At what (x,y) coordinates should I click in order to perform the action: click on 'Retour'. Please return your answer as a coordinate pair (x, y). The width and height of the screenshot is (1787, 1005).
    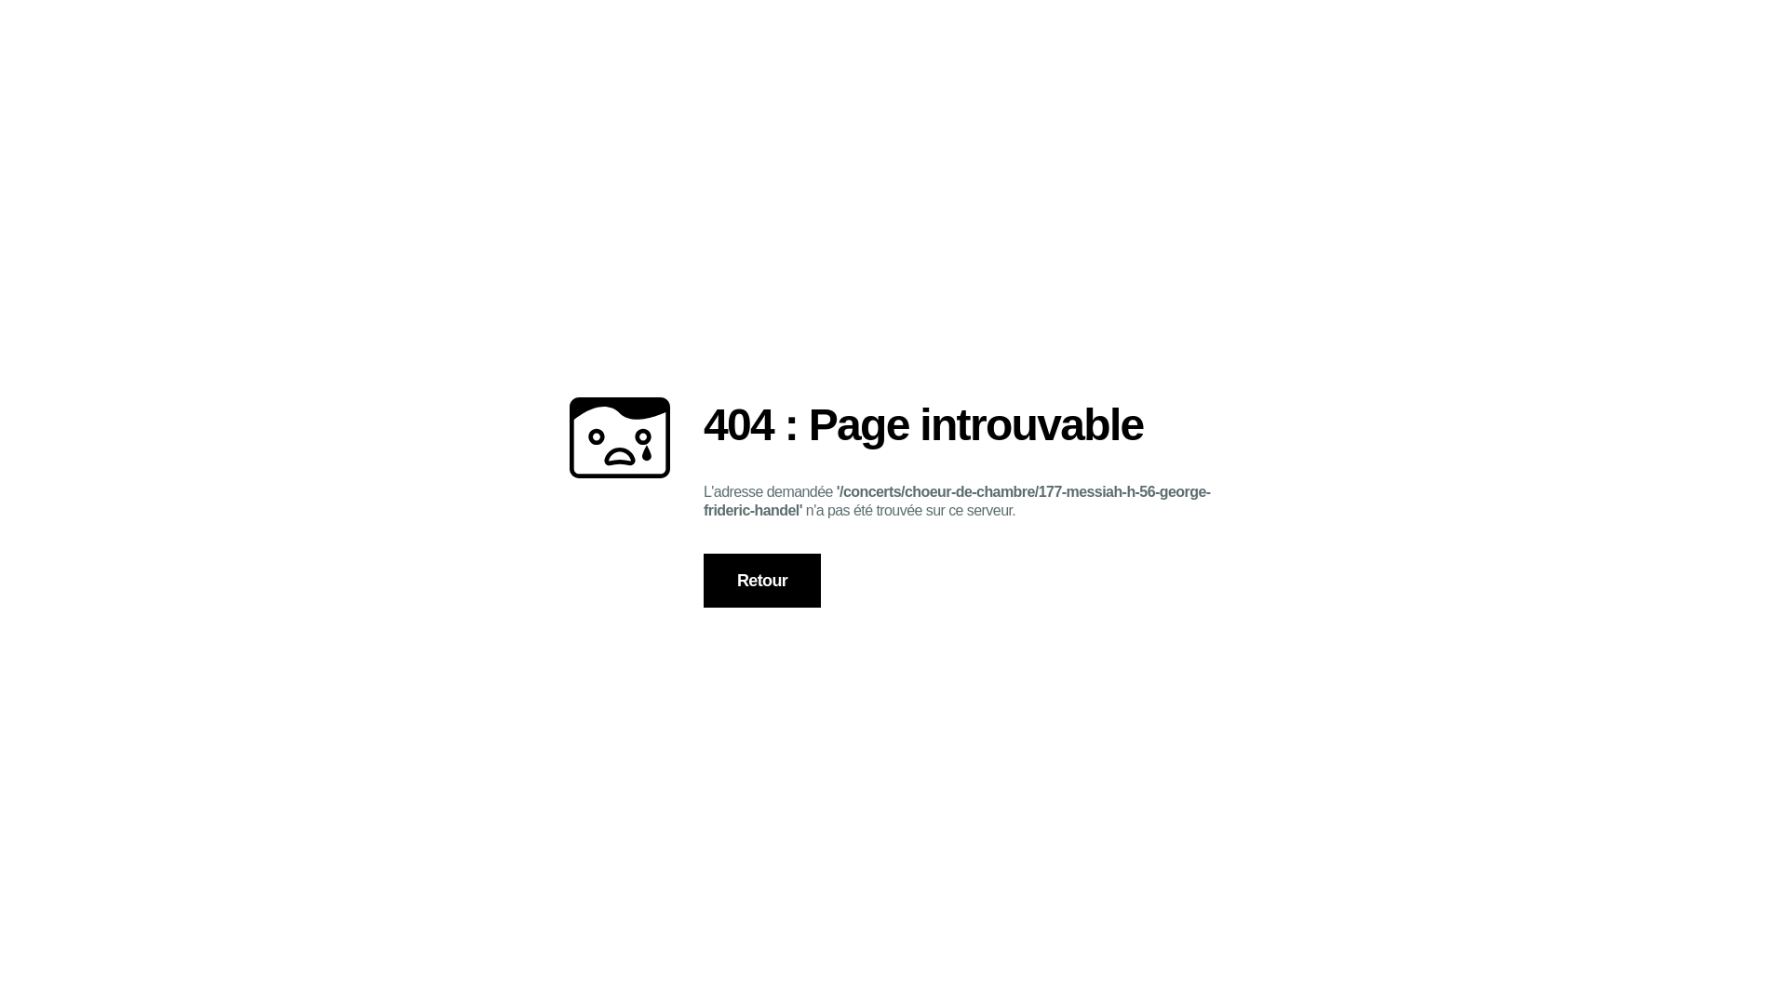
    Looking at the image, I should click on (762, 580).